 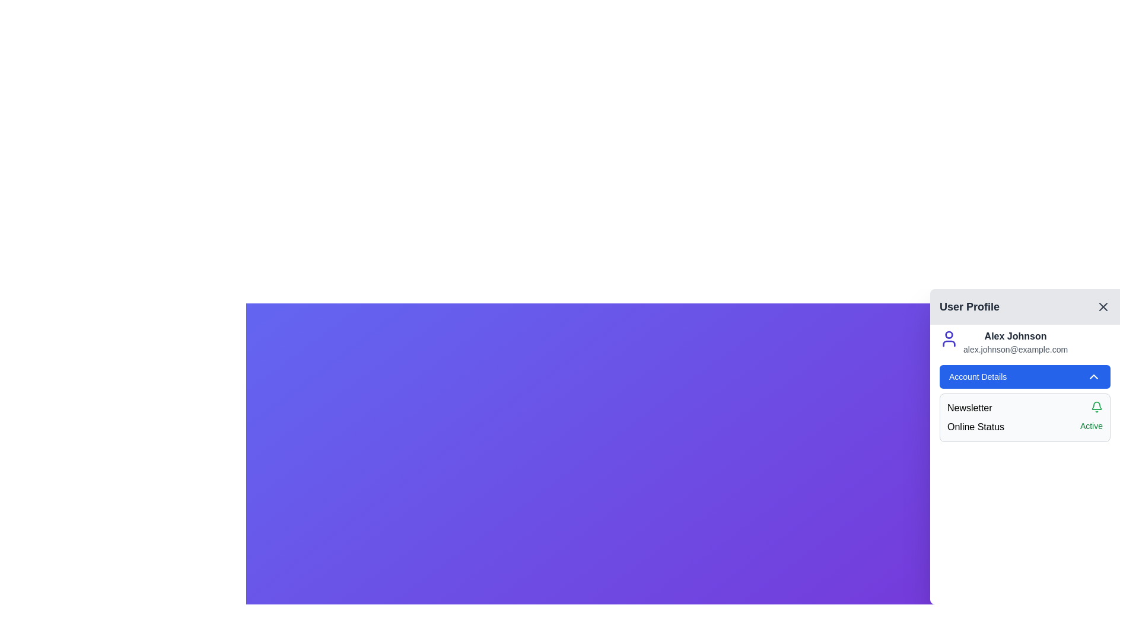 I want to click on the static text label reading 'Active' styled in green, located at the bottom-right corner of the 'Online Status' row in the 'User Profile' panel, so click(x=1091, y=427).